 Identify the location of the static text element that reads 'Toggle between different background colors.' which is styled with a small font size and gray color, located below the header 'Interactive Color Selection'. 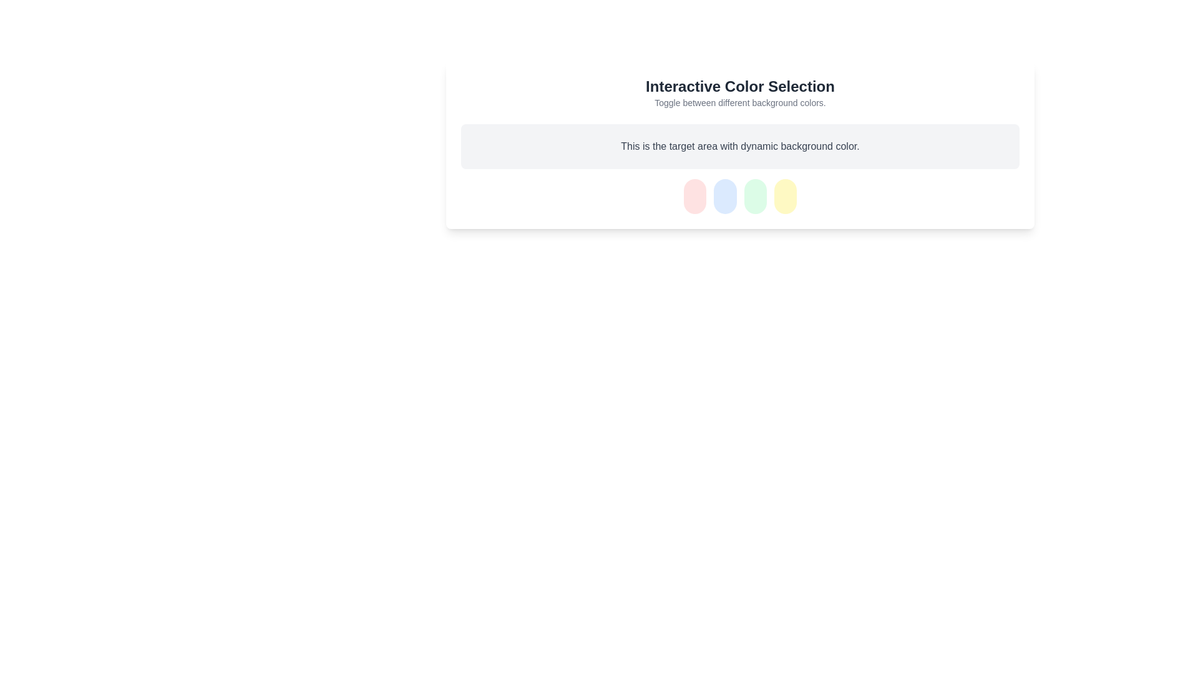
(740, 102).